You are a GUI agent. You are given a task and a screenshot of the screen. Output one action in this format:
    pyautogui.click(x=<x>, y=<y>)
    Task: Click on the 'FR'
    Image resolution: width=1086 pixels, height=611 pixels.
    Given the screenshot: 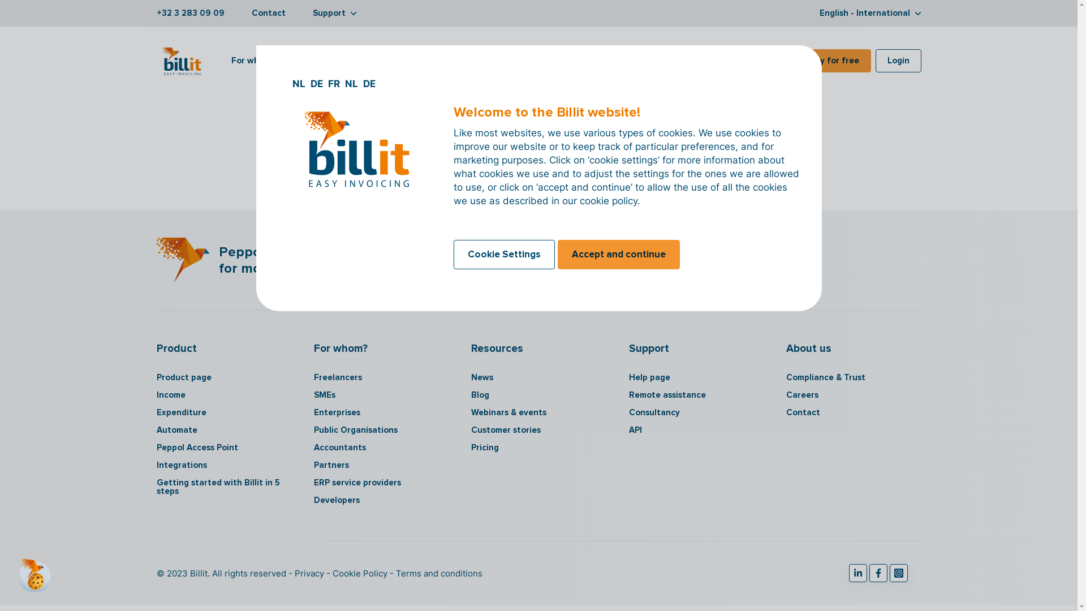 What is the action you would take?
    pyautogui.click(x=327, y=83)
    